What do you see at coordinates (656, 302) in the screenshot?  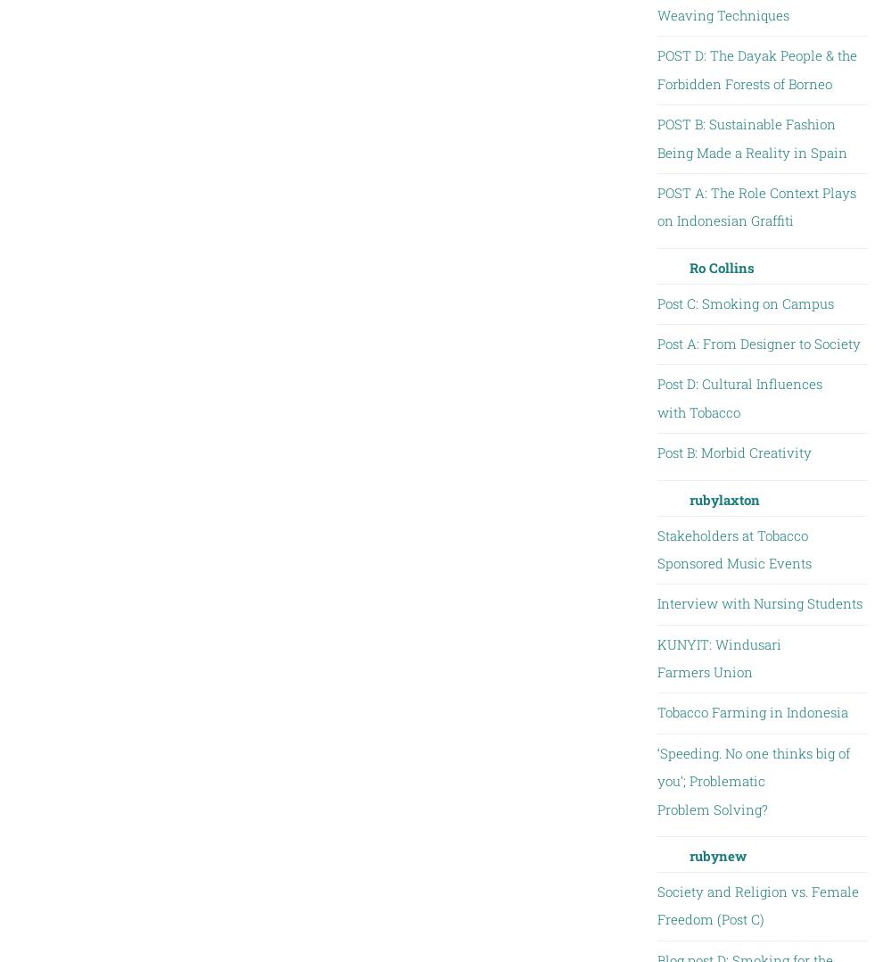 I see `'Post C: Smoking on Campus'` at bounding box center [656, 302].